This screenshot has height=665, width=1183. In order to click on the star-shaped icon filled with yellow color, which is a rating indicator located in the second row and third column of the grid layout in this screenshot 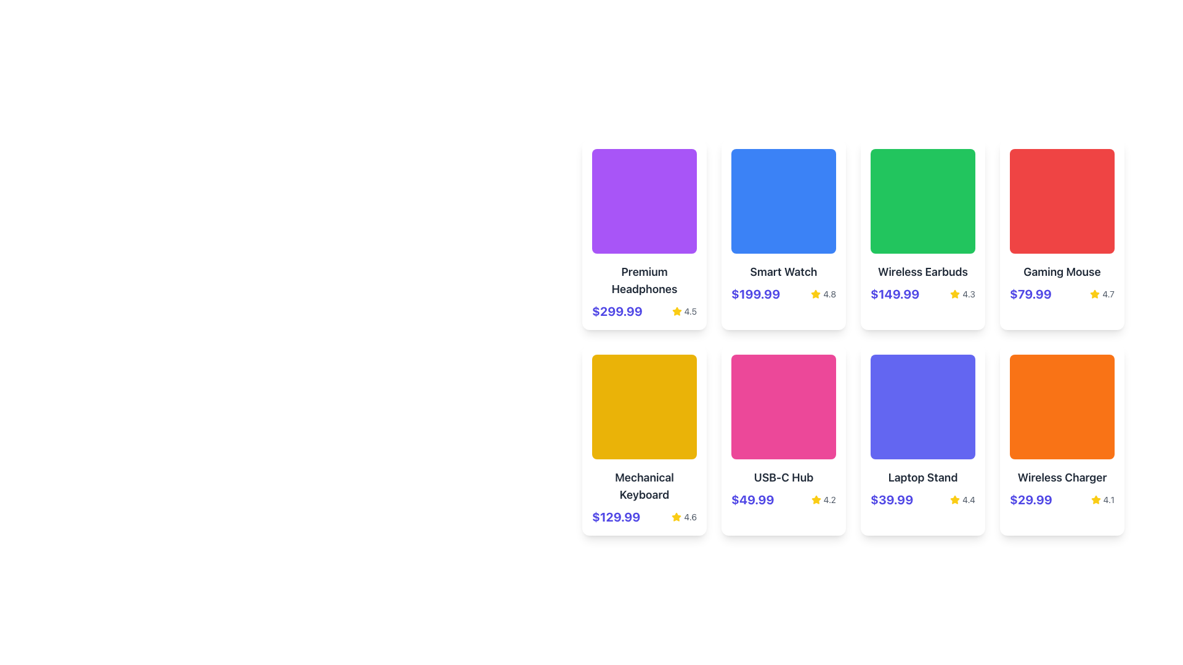, I will do `click(954, 294)`.